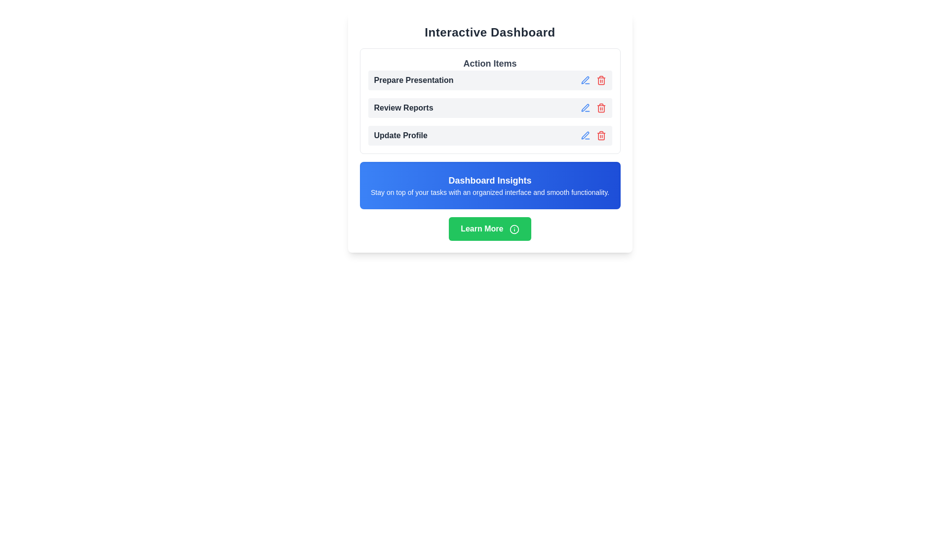 The image size is (948, 533). What do you see at coordinates (490, 79) in the screenshot?
I see `the first list item labeled 'Prepare Presentation'` at bounding box center [490, 79].